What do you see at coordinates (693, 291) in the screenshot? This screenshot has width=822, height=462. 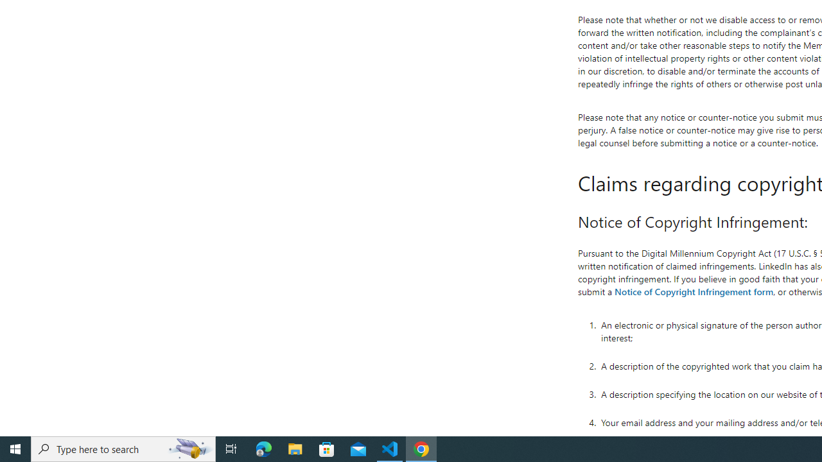 I see `'Notice of Copyright Infringement form'` at bounding box center [693, 291].